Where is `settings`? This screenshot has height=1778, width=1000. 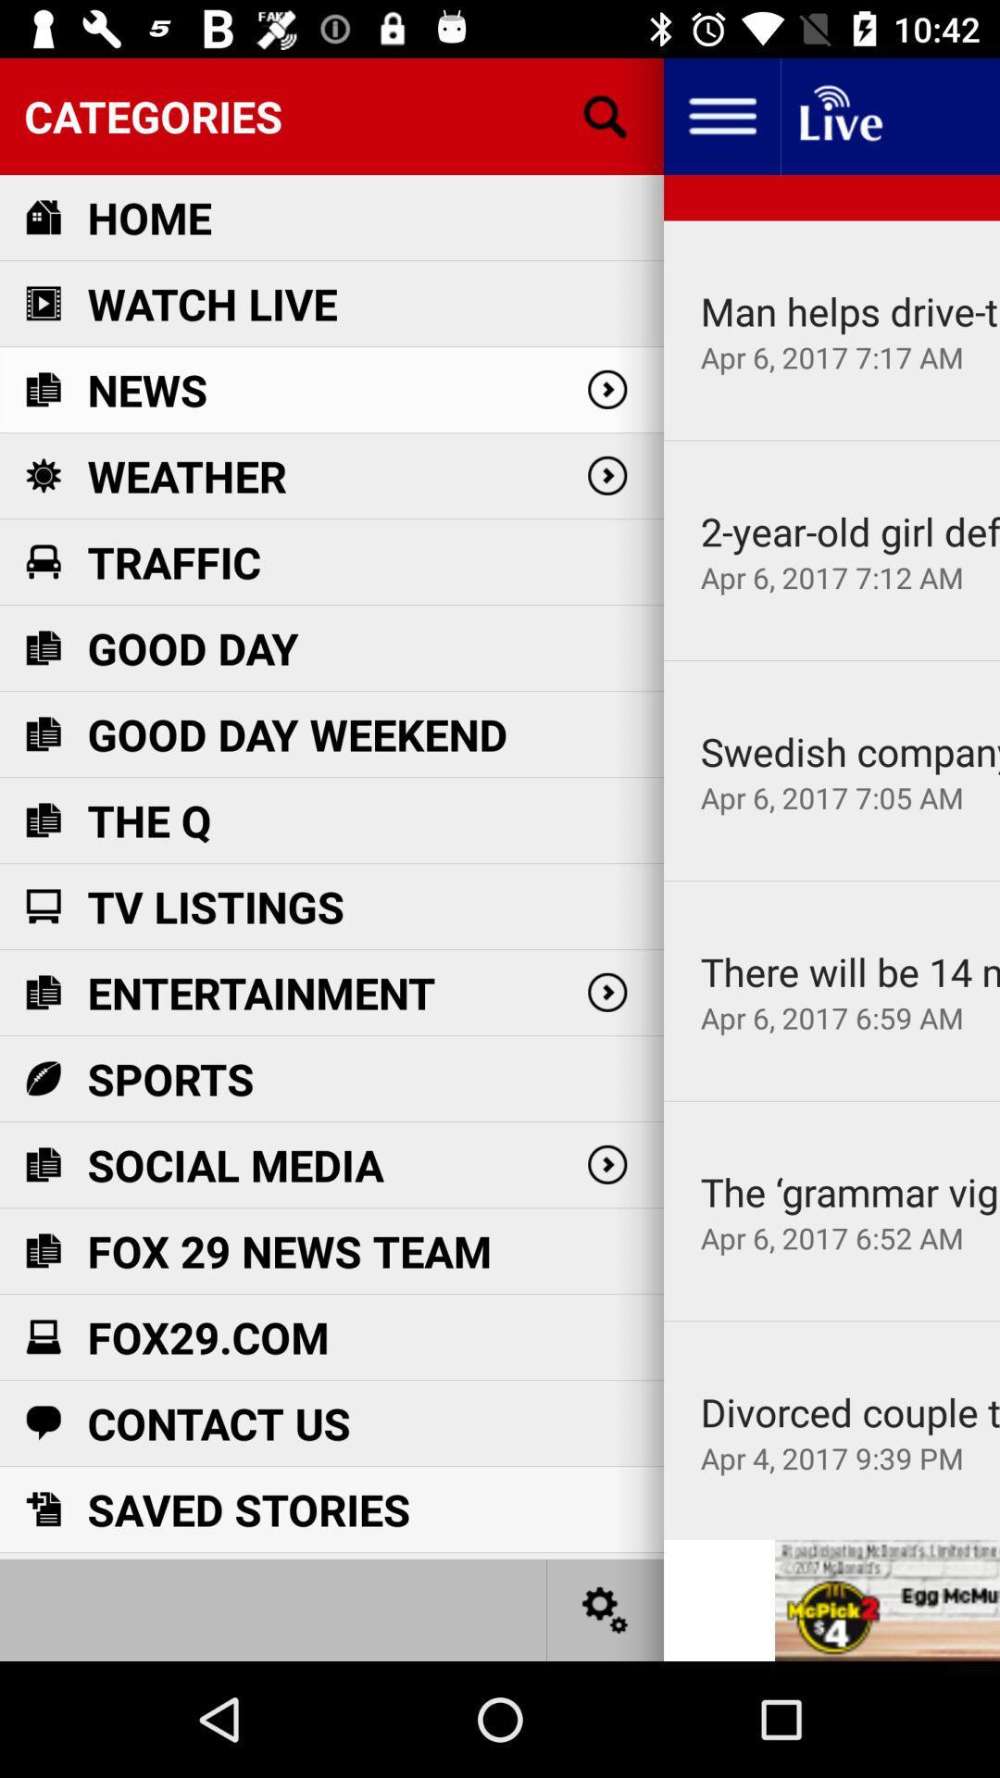 settings is located at coordinates (606, 1609).